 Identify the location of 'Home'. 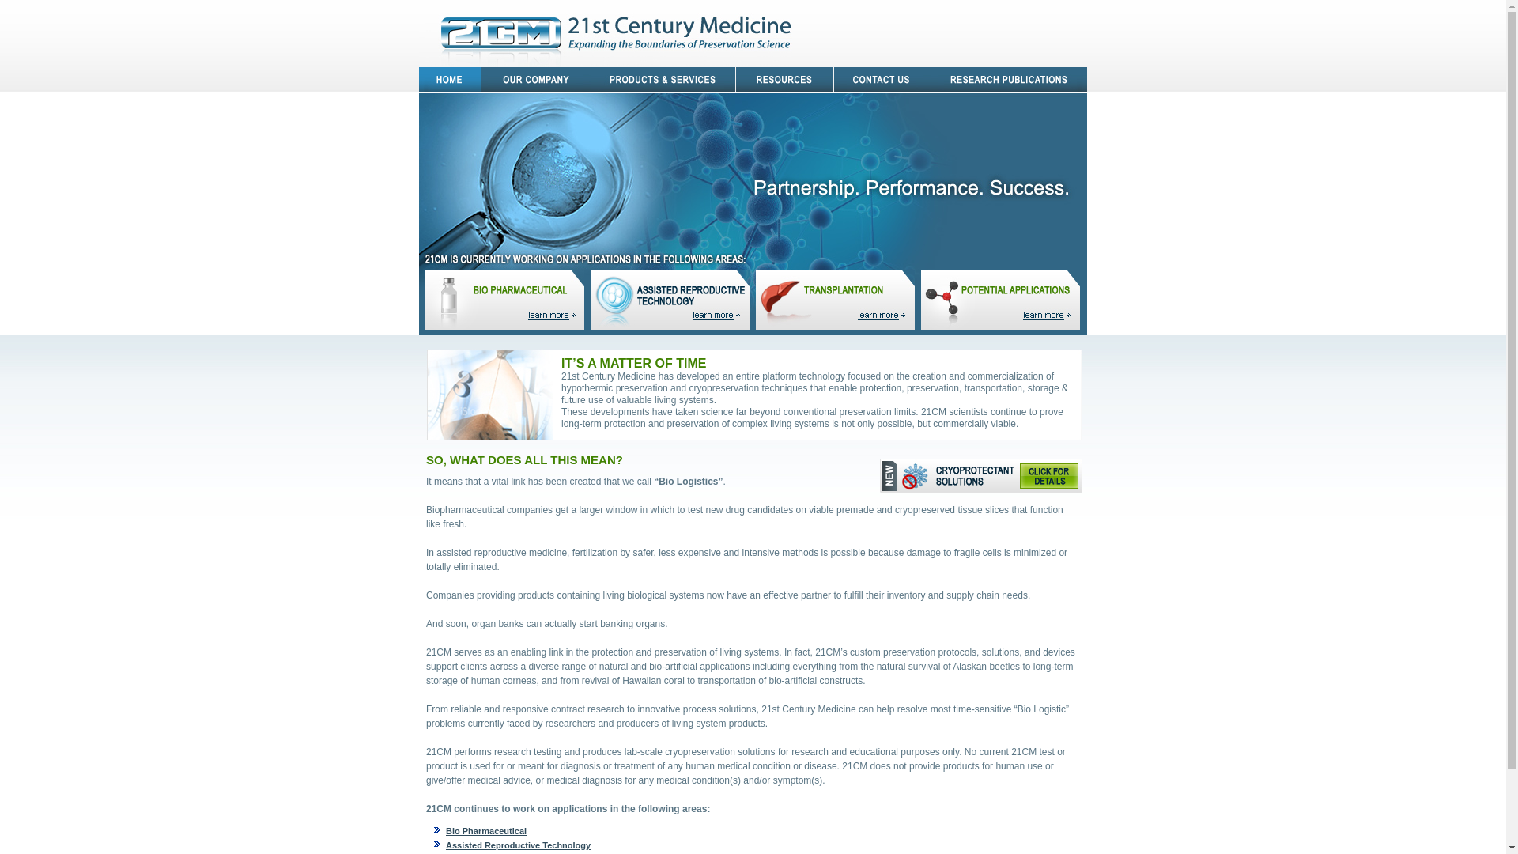
(449, 79).